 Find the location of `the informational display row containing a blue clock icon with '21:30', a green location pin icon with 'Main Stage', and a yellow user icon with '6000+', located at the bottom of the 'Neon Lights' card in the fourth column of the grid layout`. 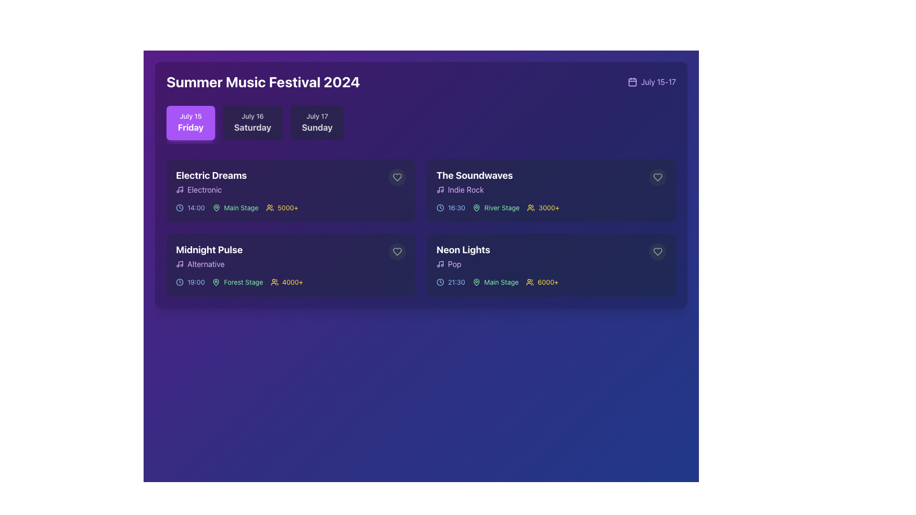

the informational display row containing a blue clock icon with '21:30', a green location pin icon with 'Main Stage', and a yellow user icon with '6000+', located at the bottom of the 'Neon Lights' card in the fourth column of the grid layout is located at coordinates (552, 281).